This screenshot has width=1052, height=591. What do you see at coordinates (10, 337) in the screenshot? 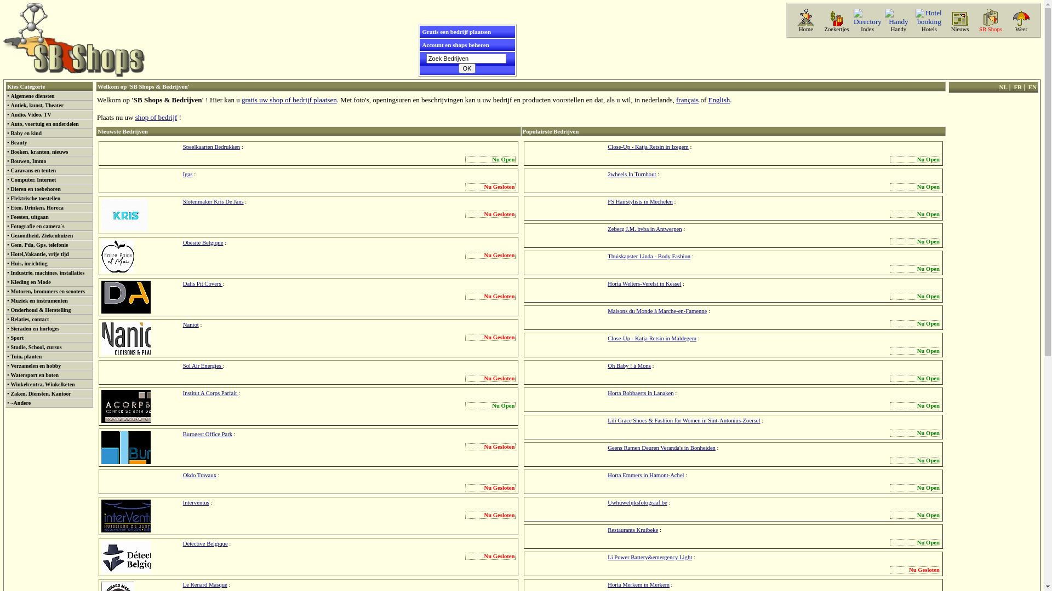
I see `'Sport'` at bounding box center [10, 337].